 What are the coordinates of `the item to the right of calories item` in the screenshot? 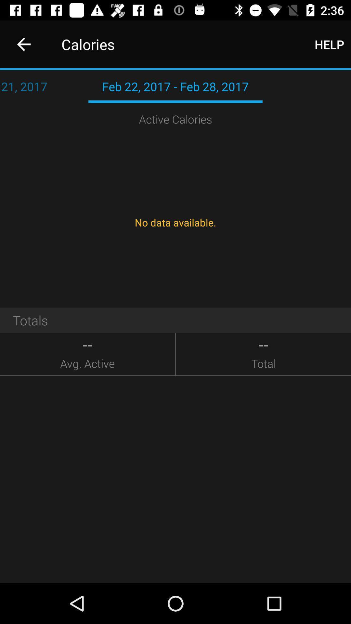 It's located at (329, 44).